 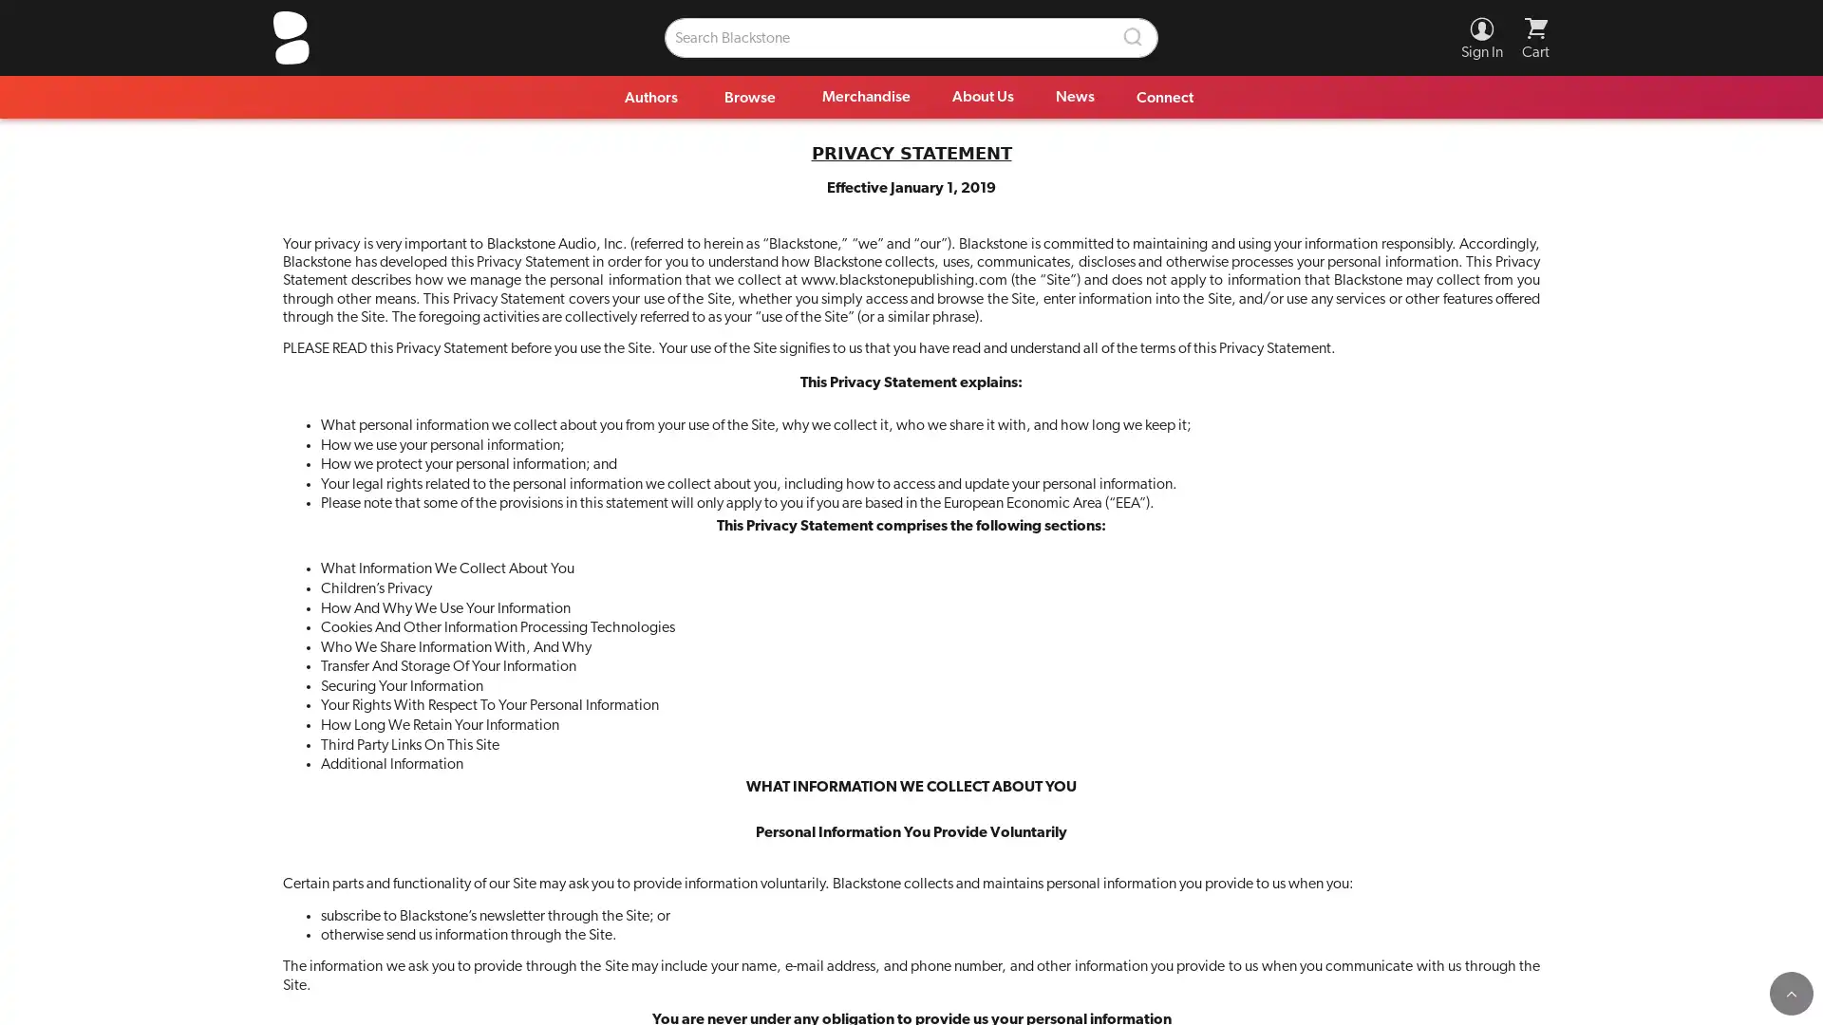 What do you see at coordinates (1134, 37) in the screenshot?
I see `Search` at bounding box center [1134, 37].